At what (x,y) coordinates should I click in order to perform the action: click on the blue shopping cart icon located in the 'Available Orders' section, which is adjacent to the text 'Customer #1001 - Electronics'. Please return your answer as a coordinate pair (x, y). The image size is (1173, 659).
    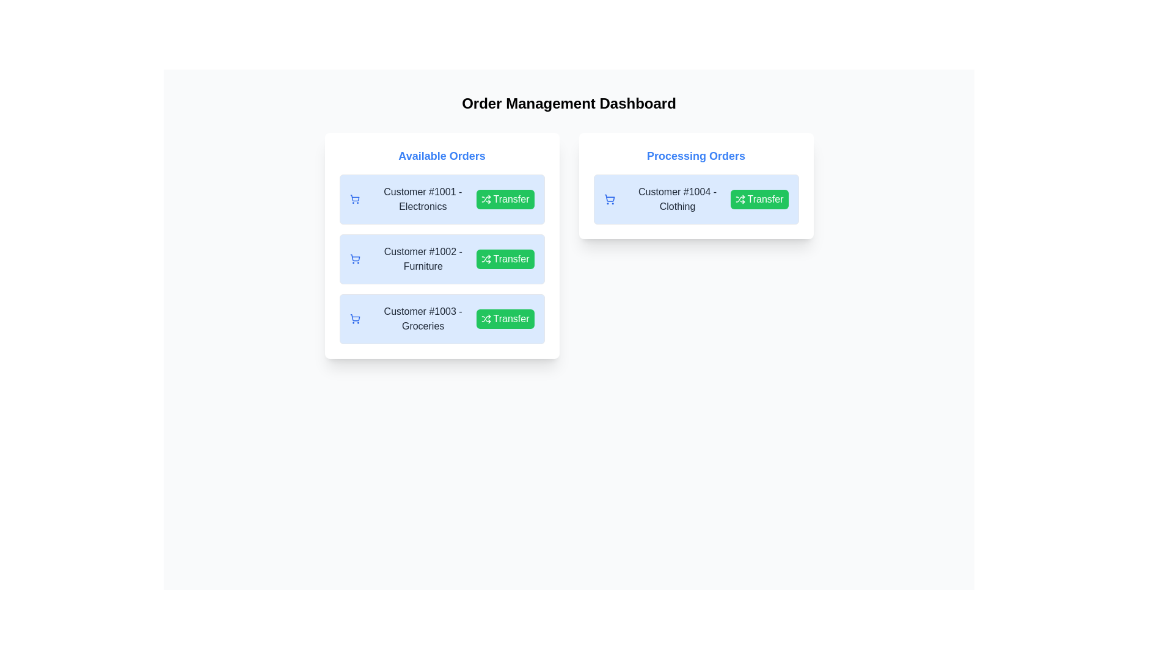
    Looking at the image, I should click on (354, 199).